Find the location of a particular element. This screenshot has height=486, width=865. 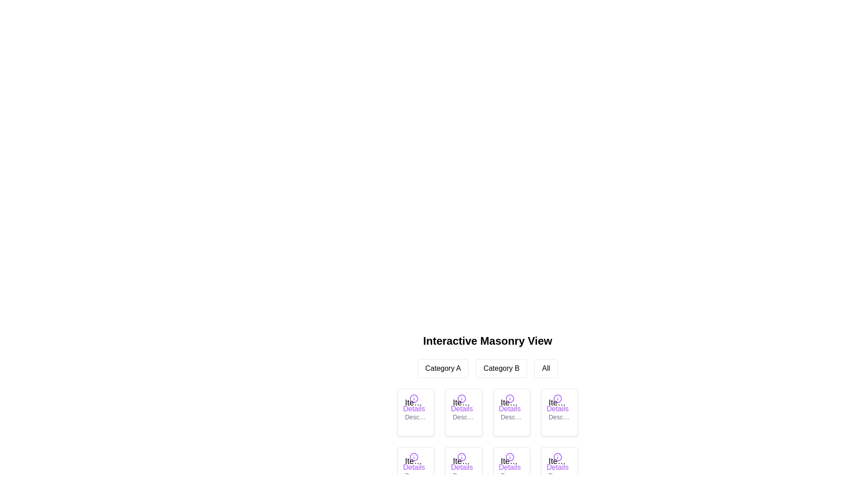

the rectangular card containing the title 'Item 1', which is the first card in the grid layout, located in the top-left corner of the grid is located at coordinates (415, 413).